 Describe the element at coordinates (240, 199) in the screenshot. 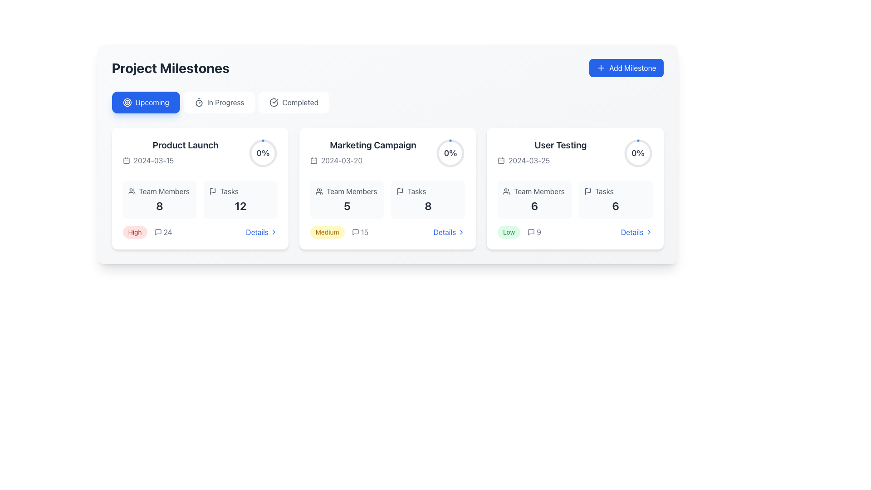

I see `the informational display panel showing the label 'Tasks' and the count '12', located in the right grid cell of the 'Project Launch' section` at that location.